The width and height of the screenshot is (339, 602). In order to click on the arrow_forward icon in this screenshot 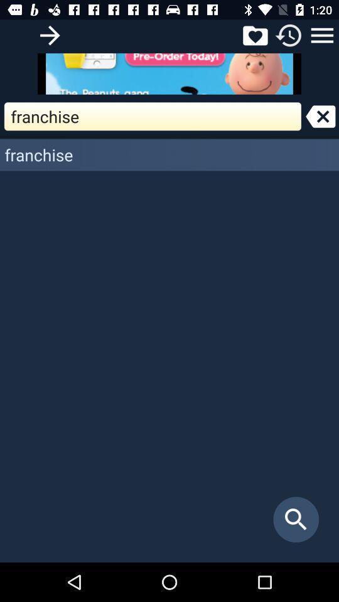, I will do `click(49, 34)`.